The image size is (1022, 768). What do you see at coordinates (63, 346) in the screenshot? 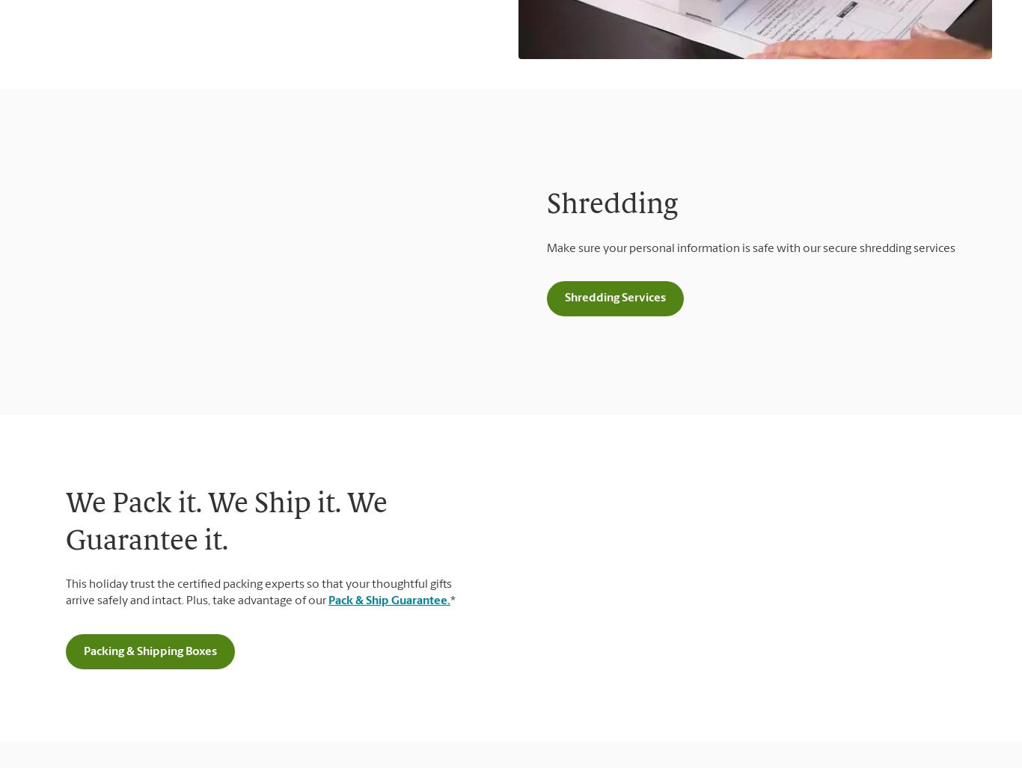
I see `'Postcards'` at bounding box center [63, 346].